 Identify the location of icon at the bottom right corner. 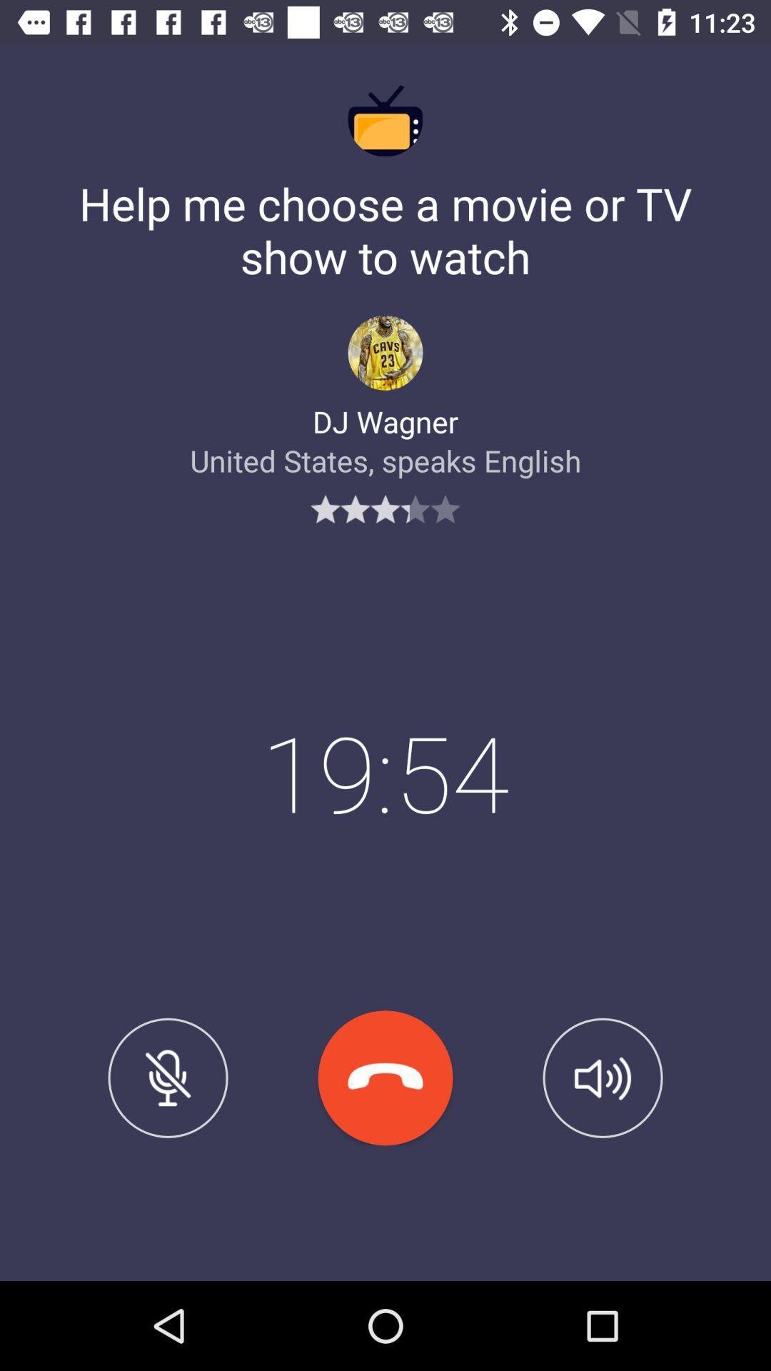
(603, 1078).